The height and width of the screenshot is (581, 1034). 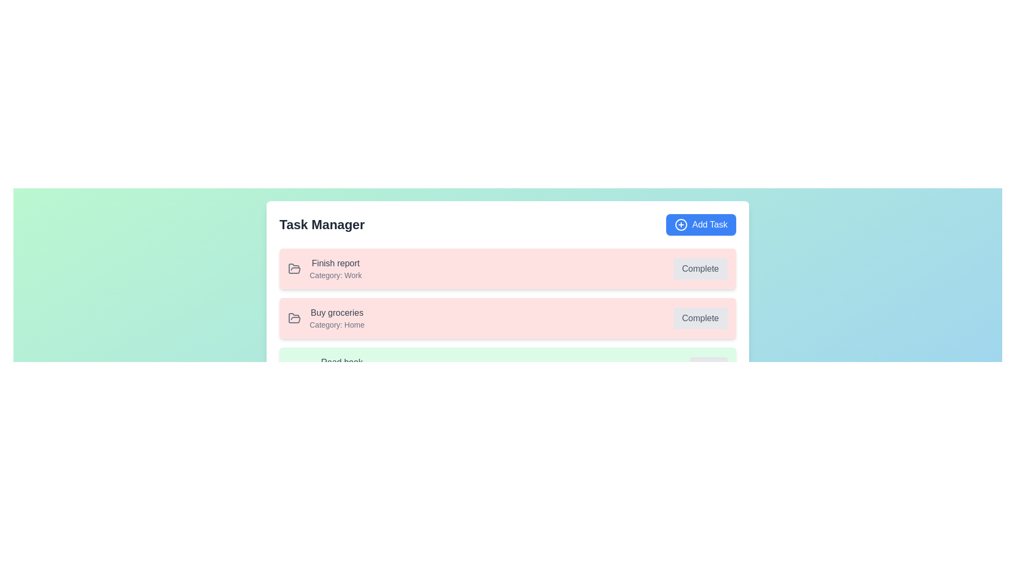 What do you see at coordinates (325, 317) in the screenshot?
I see `the Information display block containing text and an icon that provides information about the task 'Buy groceries'` at bounding box center [325, 317].